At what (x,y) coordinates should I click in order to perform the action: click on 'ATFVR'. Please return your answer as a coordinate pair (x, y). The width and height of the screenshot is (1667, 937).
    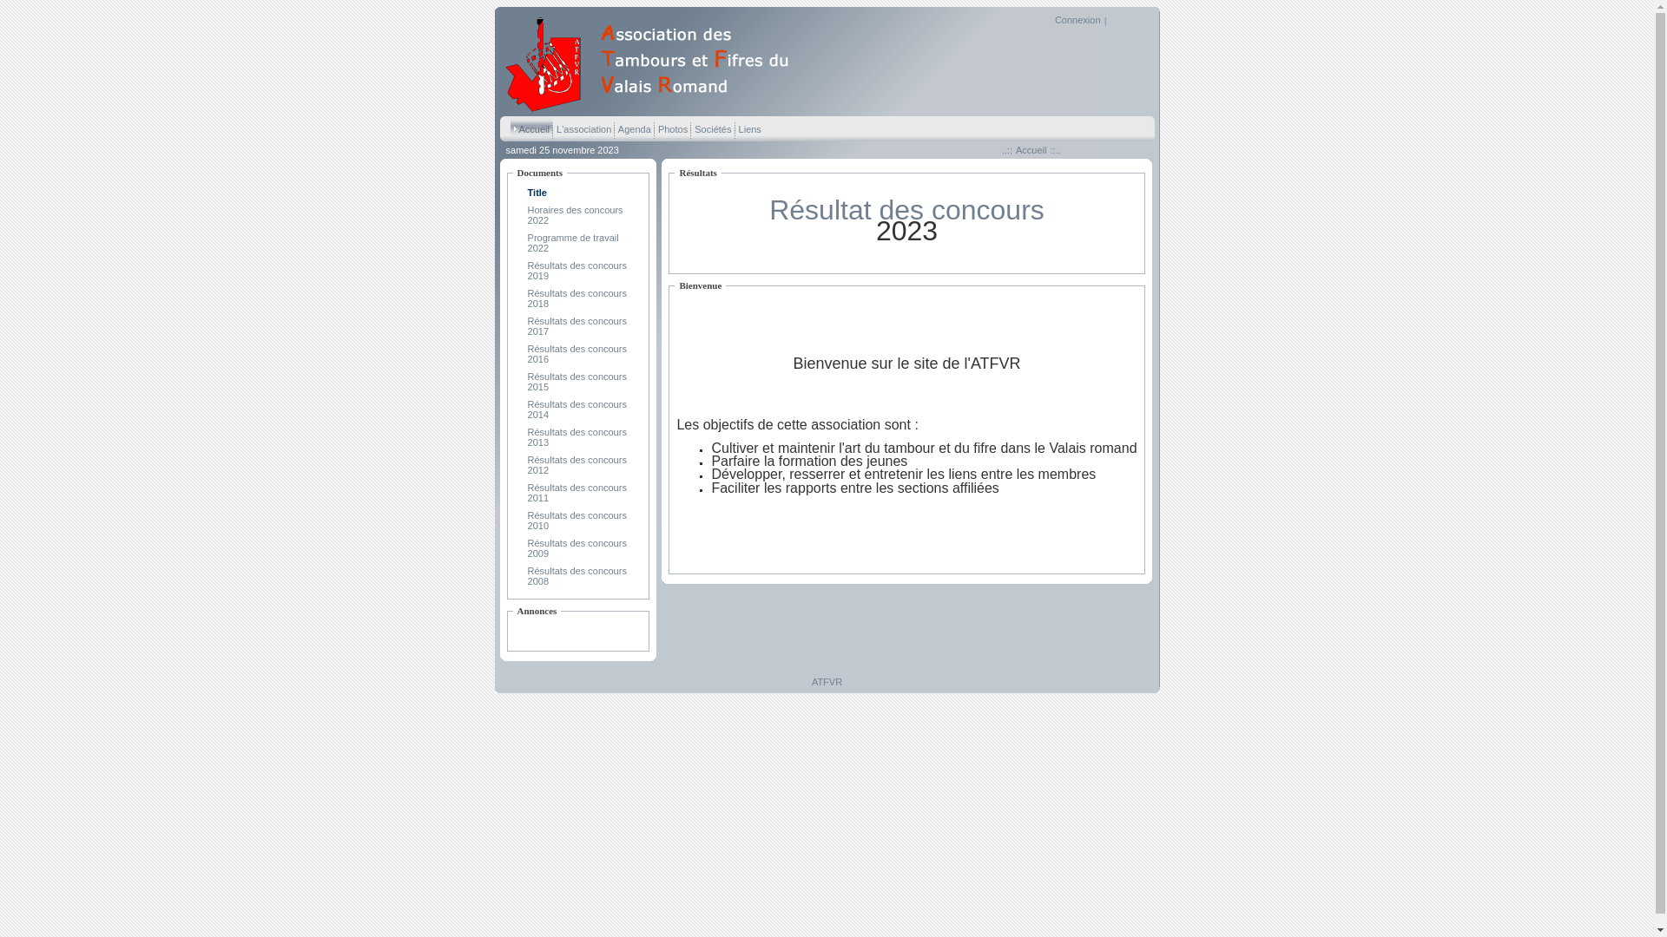
    Looking at the image, I should click on (653, 109).